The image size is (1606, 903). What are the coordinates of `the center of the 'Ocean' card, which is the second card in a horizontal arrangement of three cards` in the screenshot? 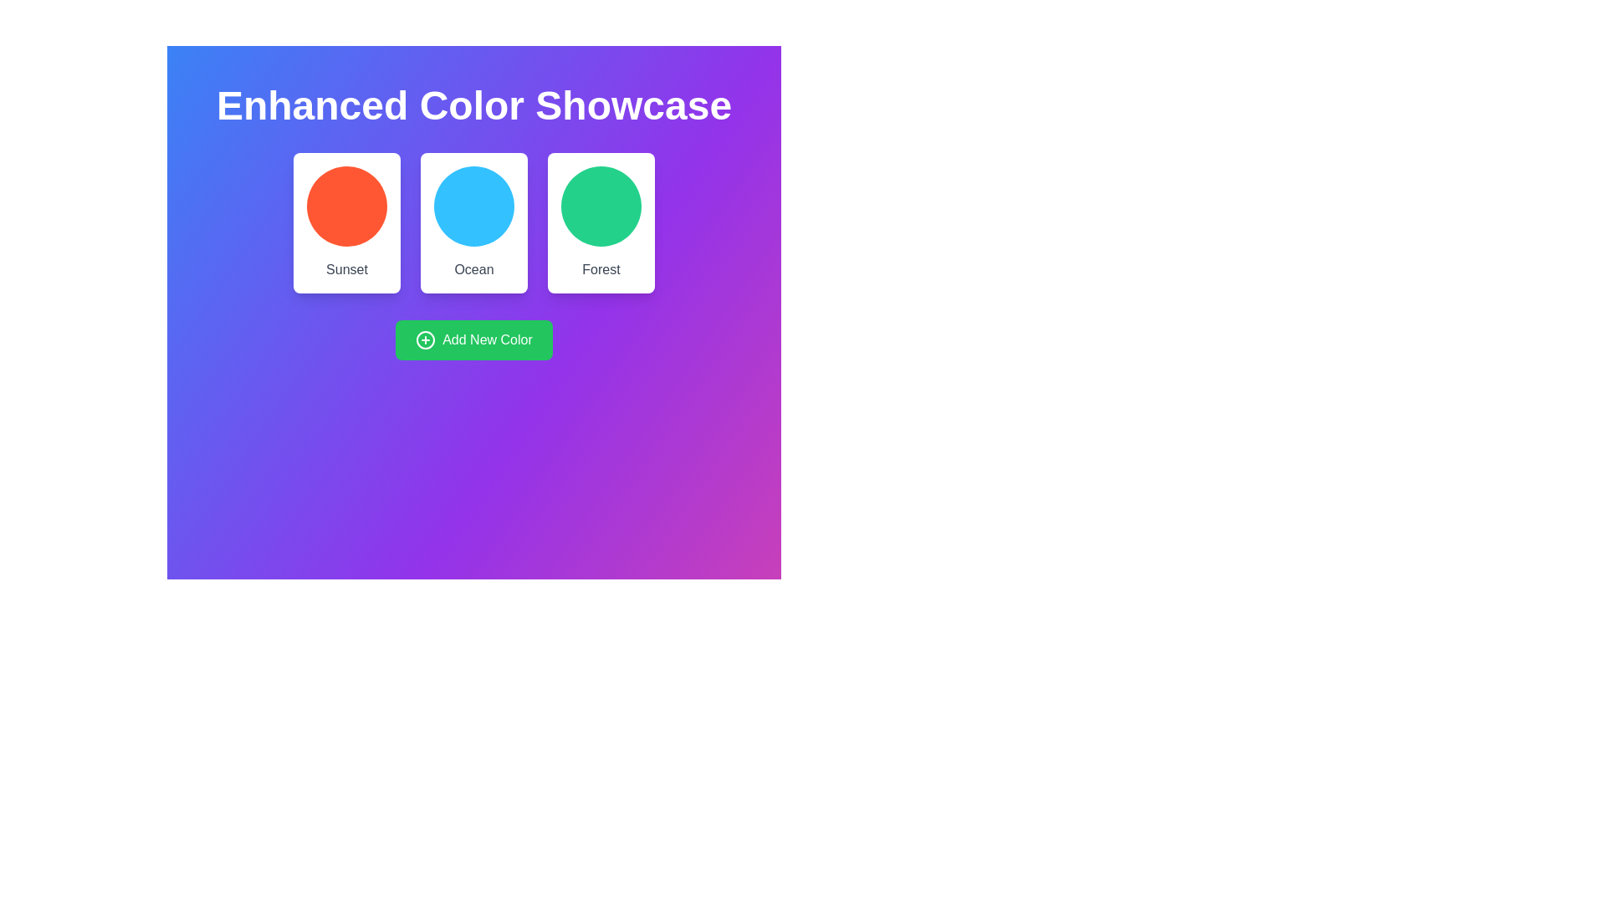 It's located at (473, 222).